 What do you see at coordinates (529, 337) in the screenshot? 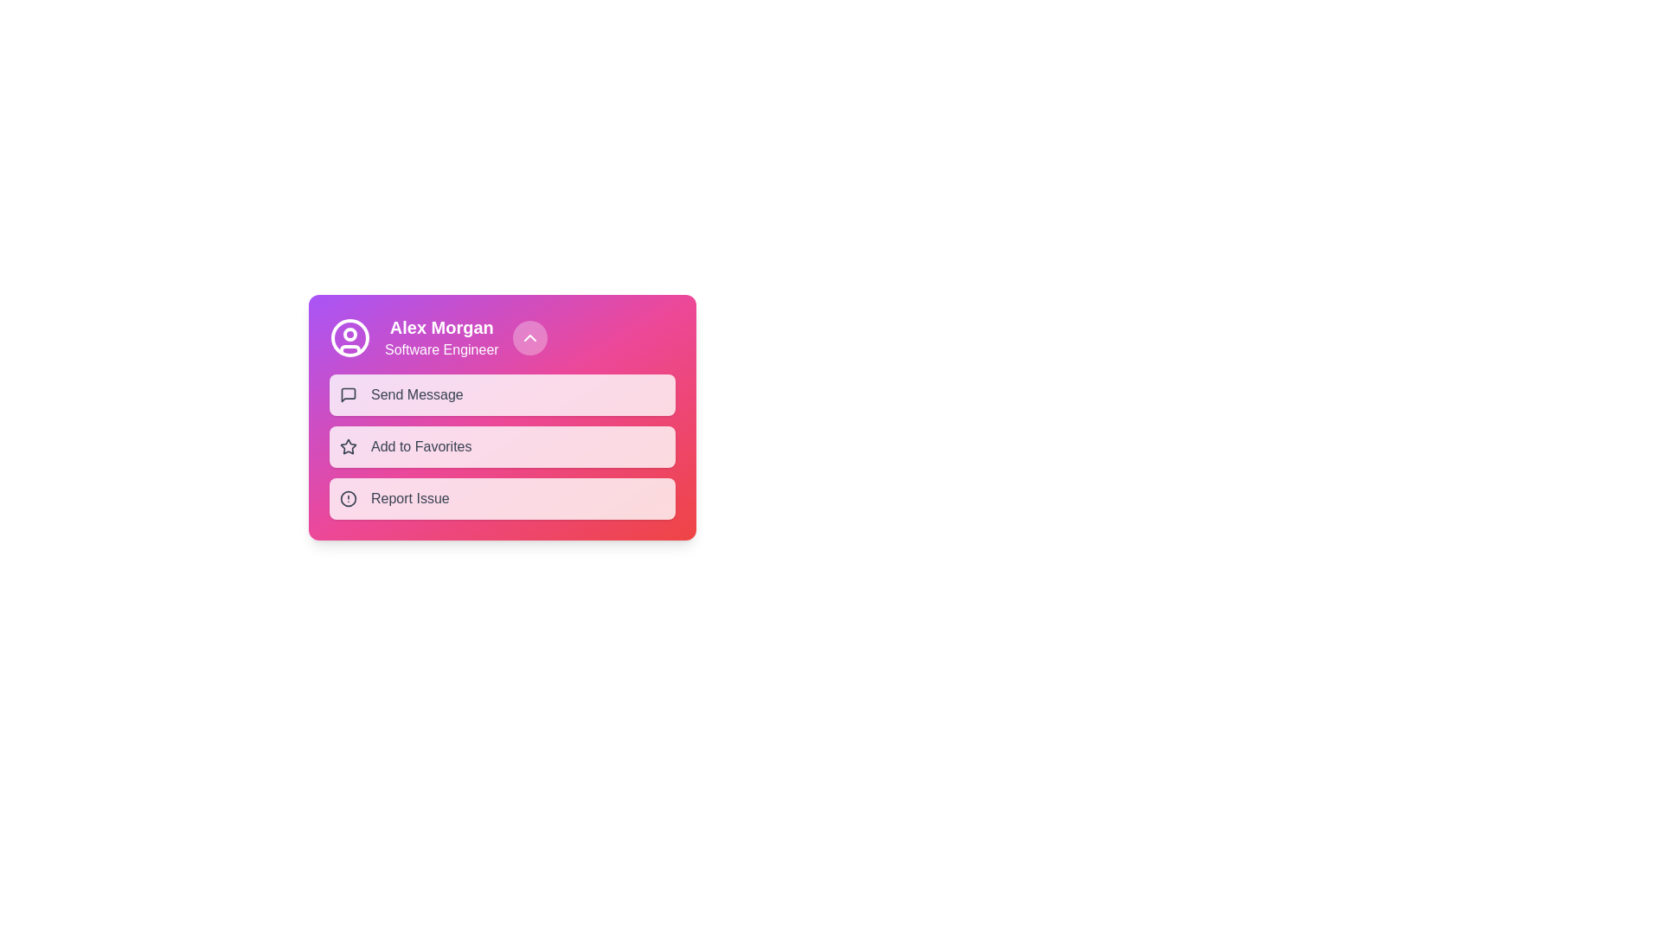
I see `the button located to the right of 'Alex Morgan' and above 'Software Engineer'` at bounding box center [529, 337].